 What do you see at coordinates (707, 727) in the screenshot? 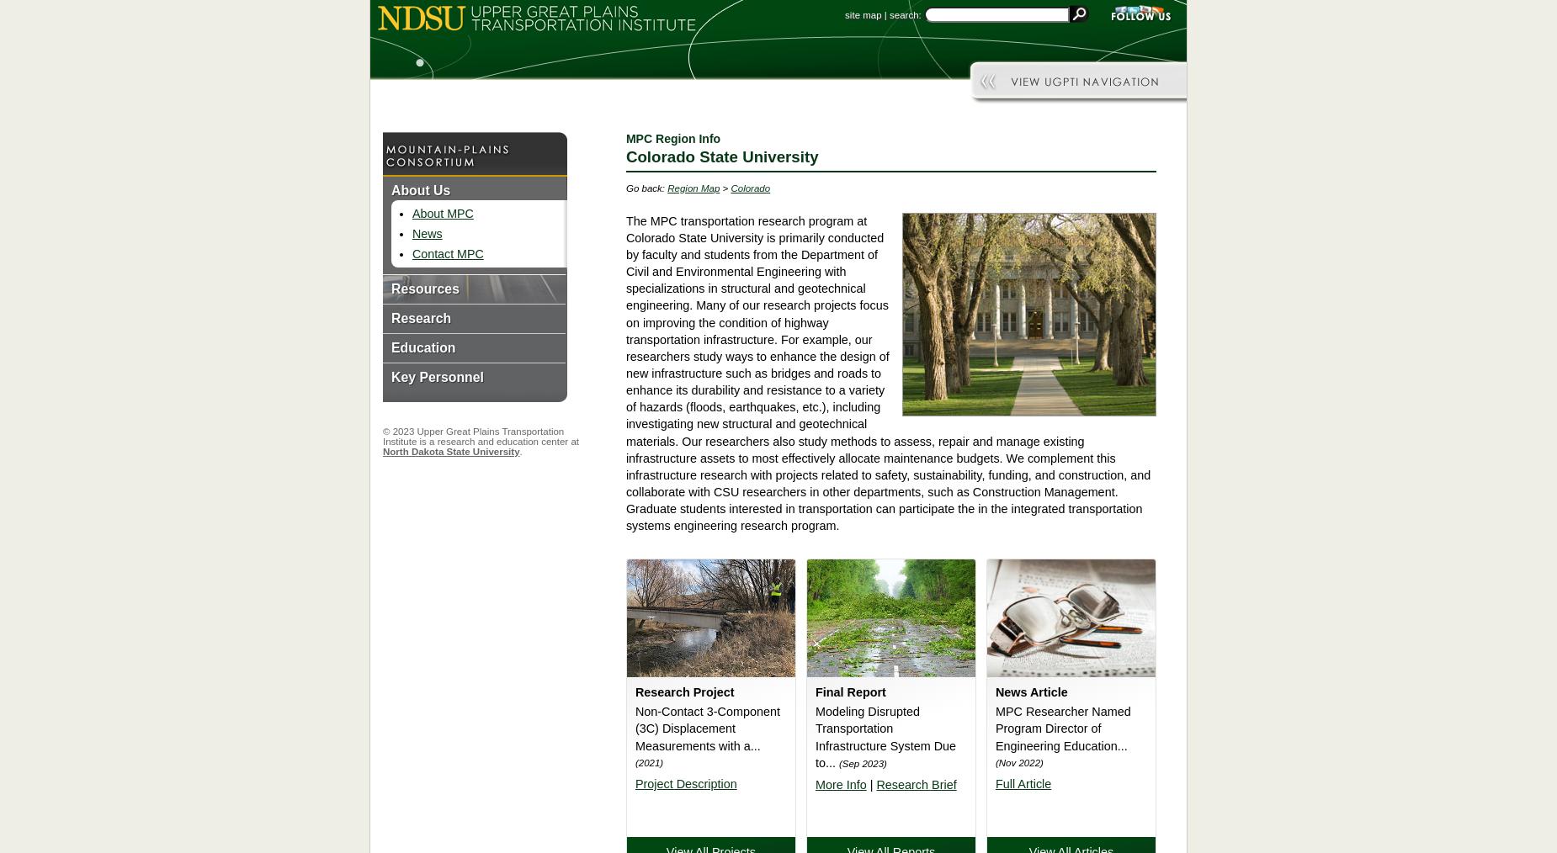
I see `'Non-Contact 3-Component (3C) Displacement Measurements with a...'` at bounding box center [707, 727].